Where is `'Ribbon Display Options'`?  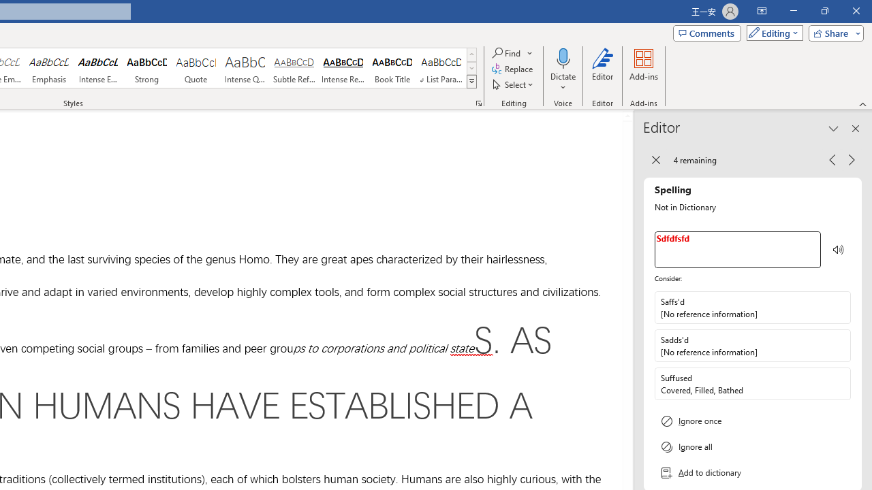
'Ribbon Display Options' is located at coordinates (761, 11).